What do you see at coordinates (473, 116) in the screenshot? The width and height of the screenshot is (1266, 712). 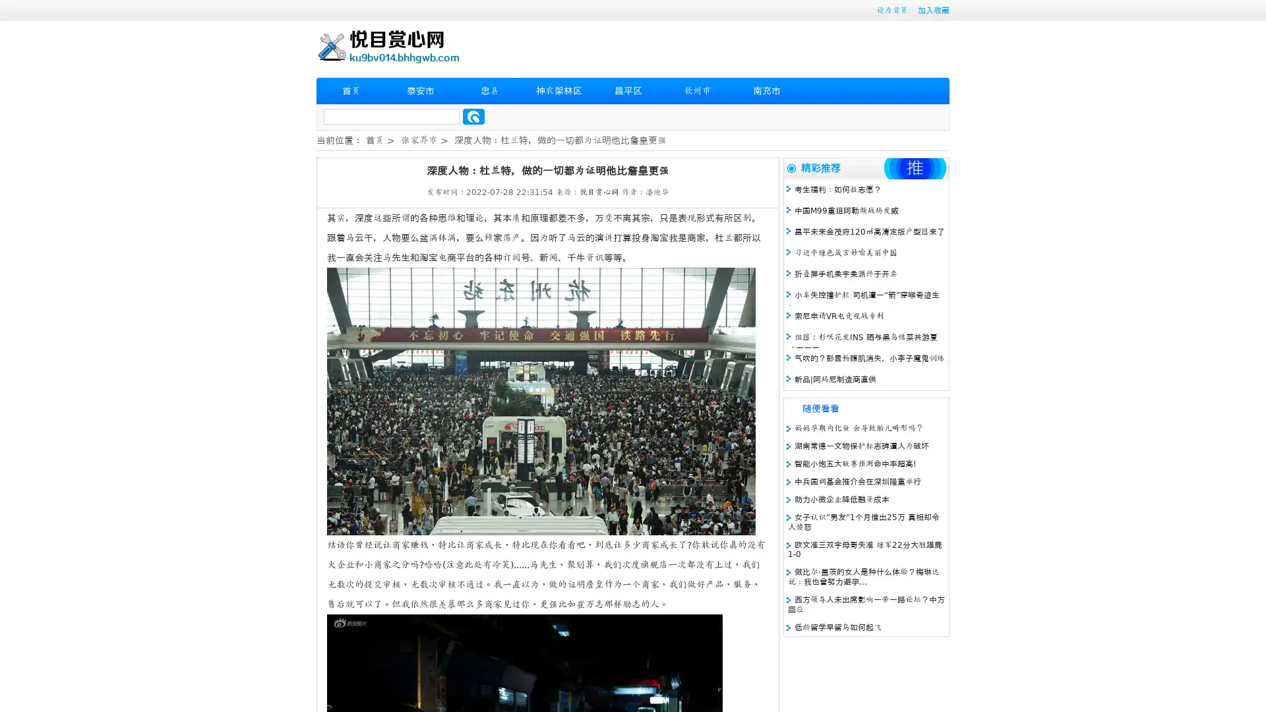 I see `Search` at bounding box center [473, 116].